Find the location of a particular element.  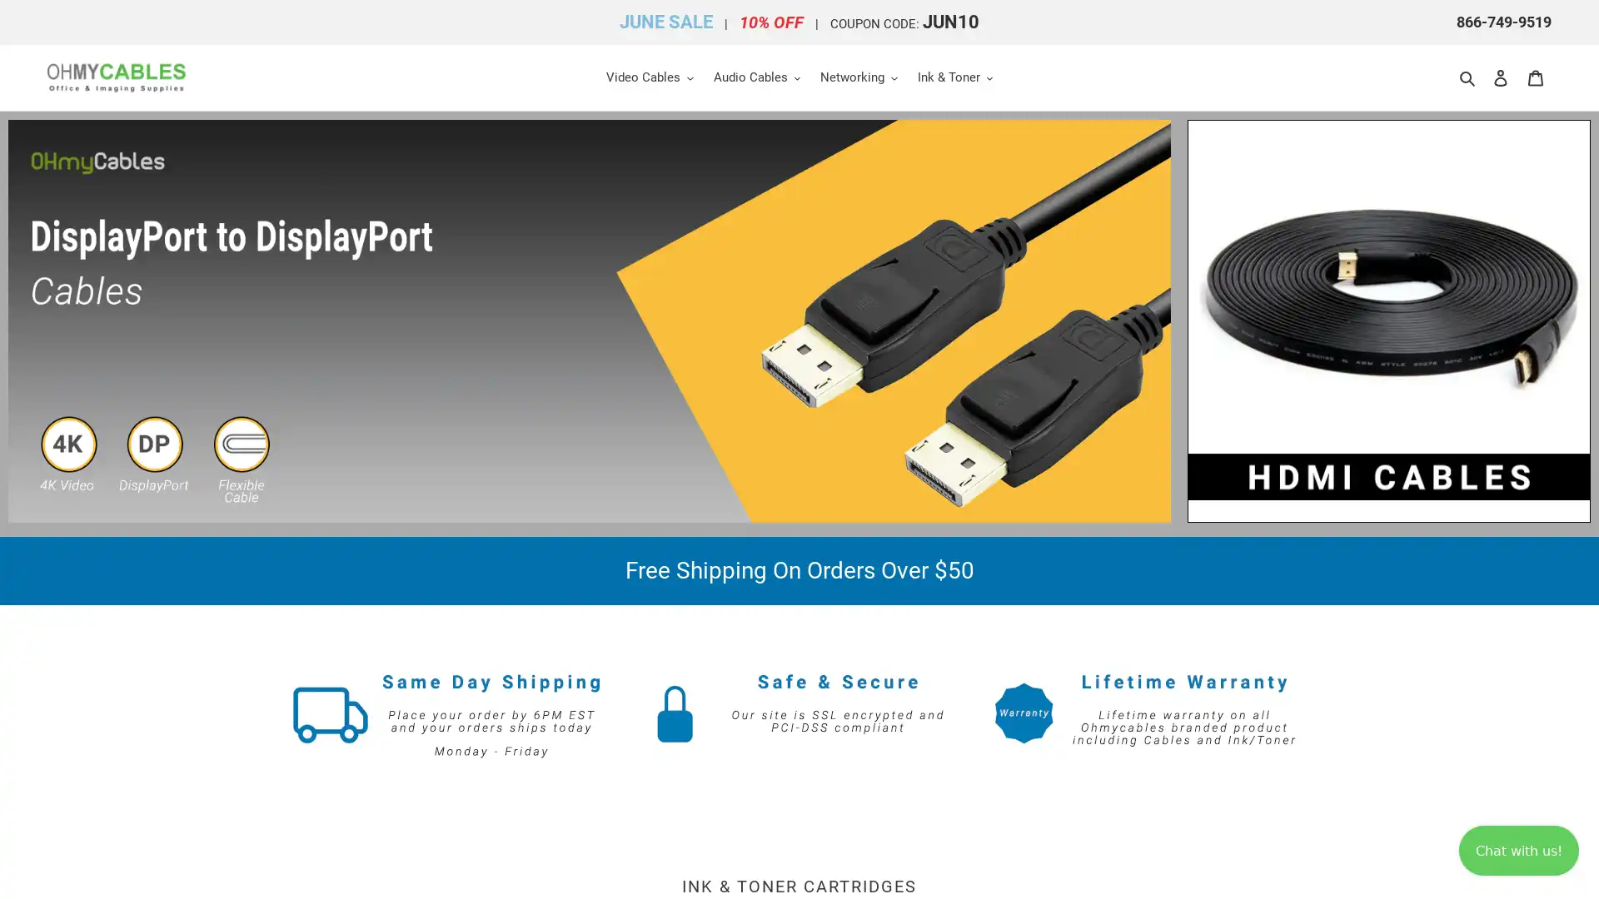

Ink & Toner is located at coordinates (954, 77).